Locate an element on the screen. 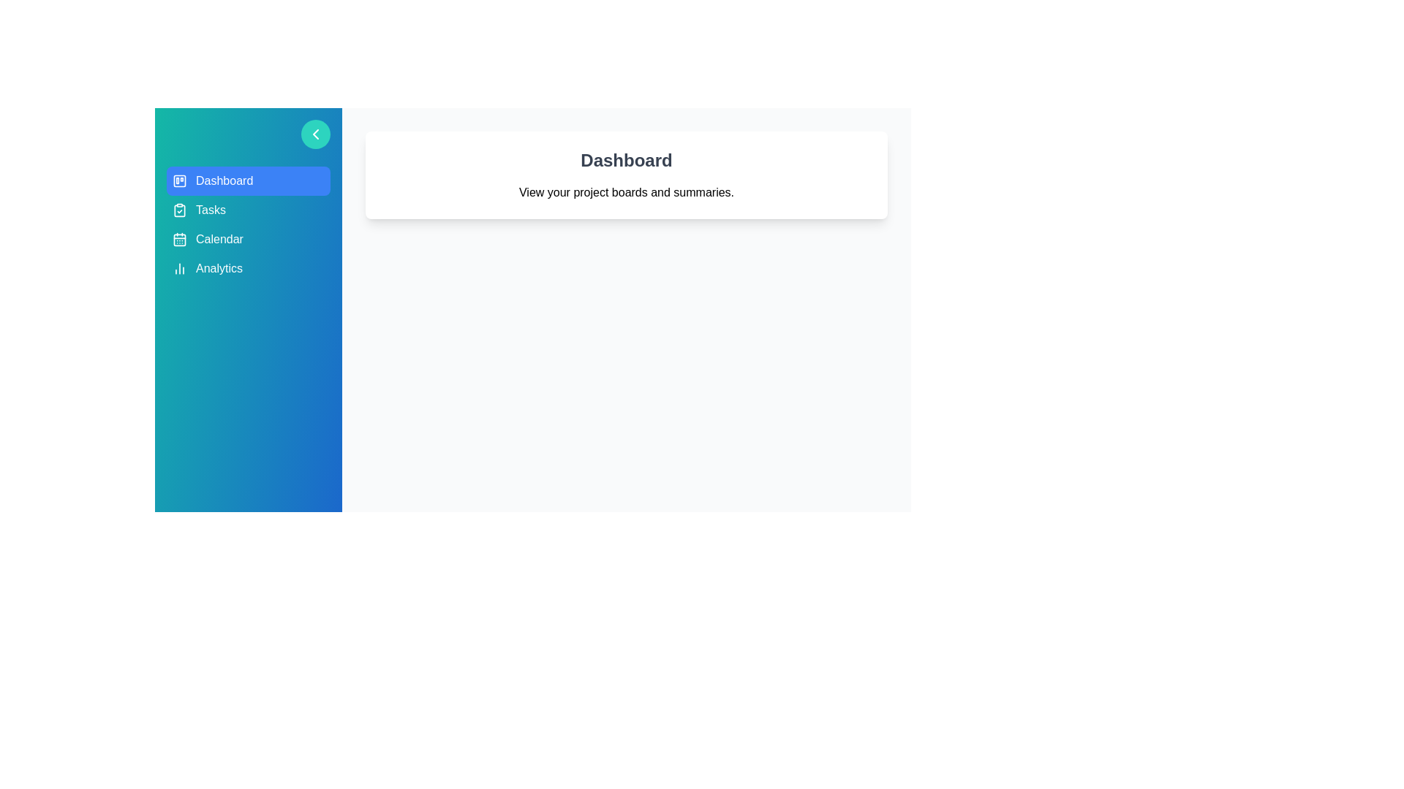 The height and width of the screenshot is (789, 1404). the 'Tasks' text label in the vertical menu list is located at coordinates (210, 210).